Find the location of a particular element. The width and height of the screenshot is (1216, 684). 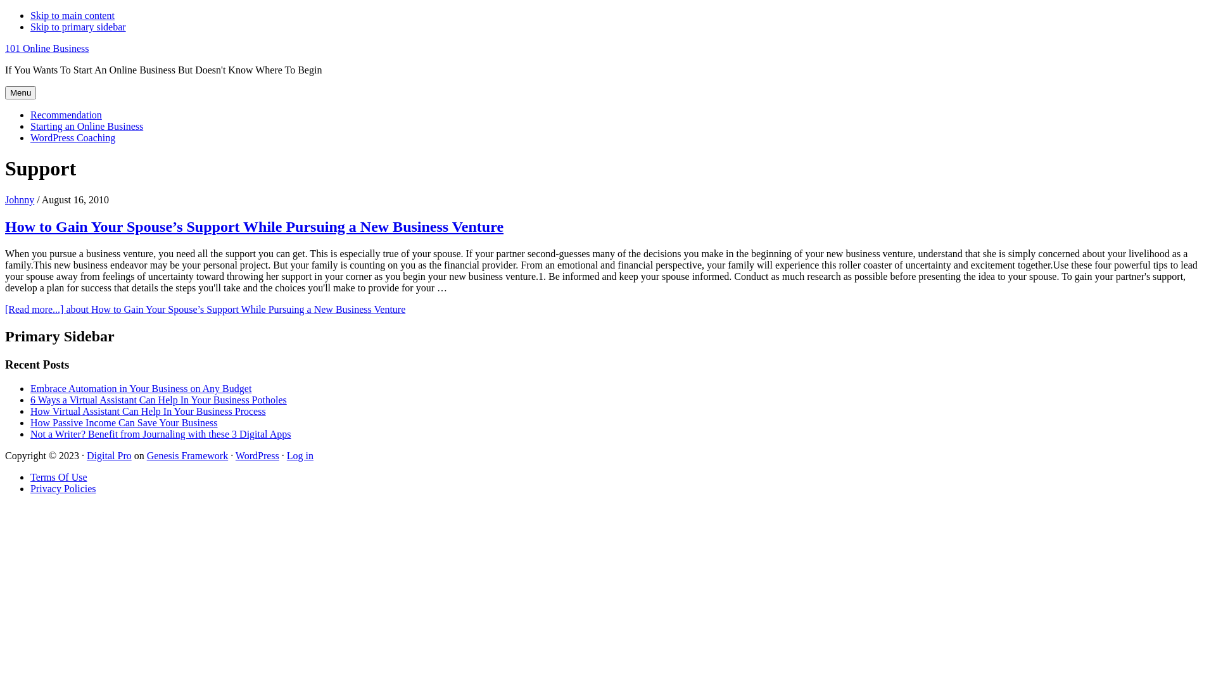

'Genesis Framework' is located at coordinates (187, 455).